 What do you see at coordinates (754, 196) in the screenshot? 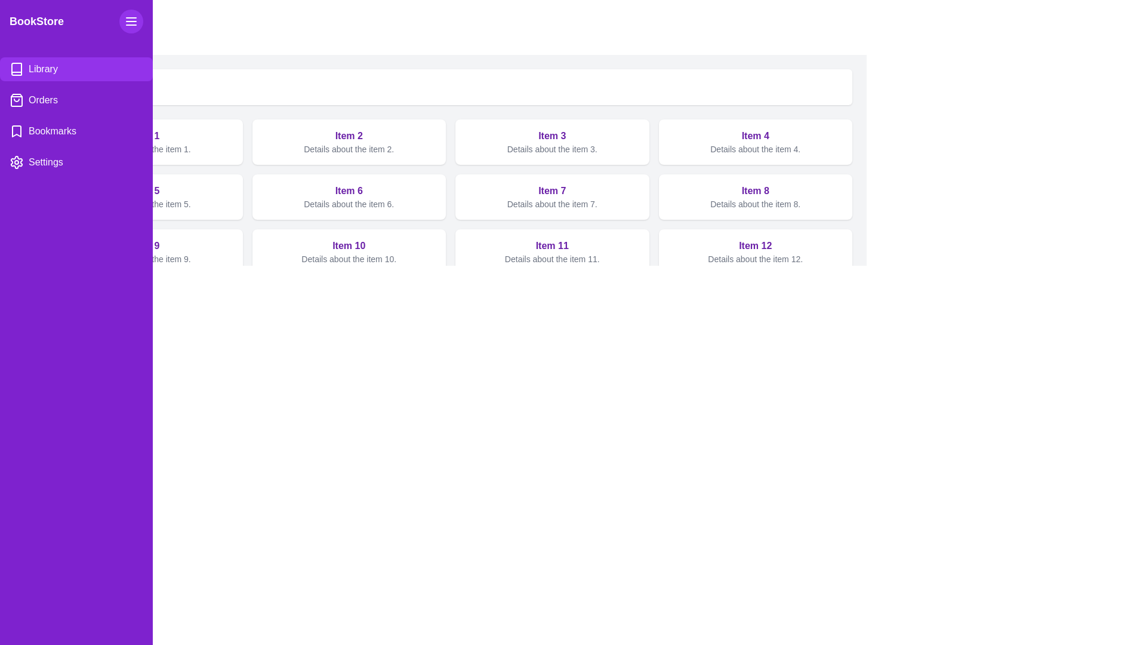
I see `information displayed on the eighth card in the grid layout, which provides the item's name and a brief description` at bounding box center [754, 196].